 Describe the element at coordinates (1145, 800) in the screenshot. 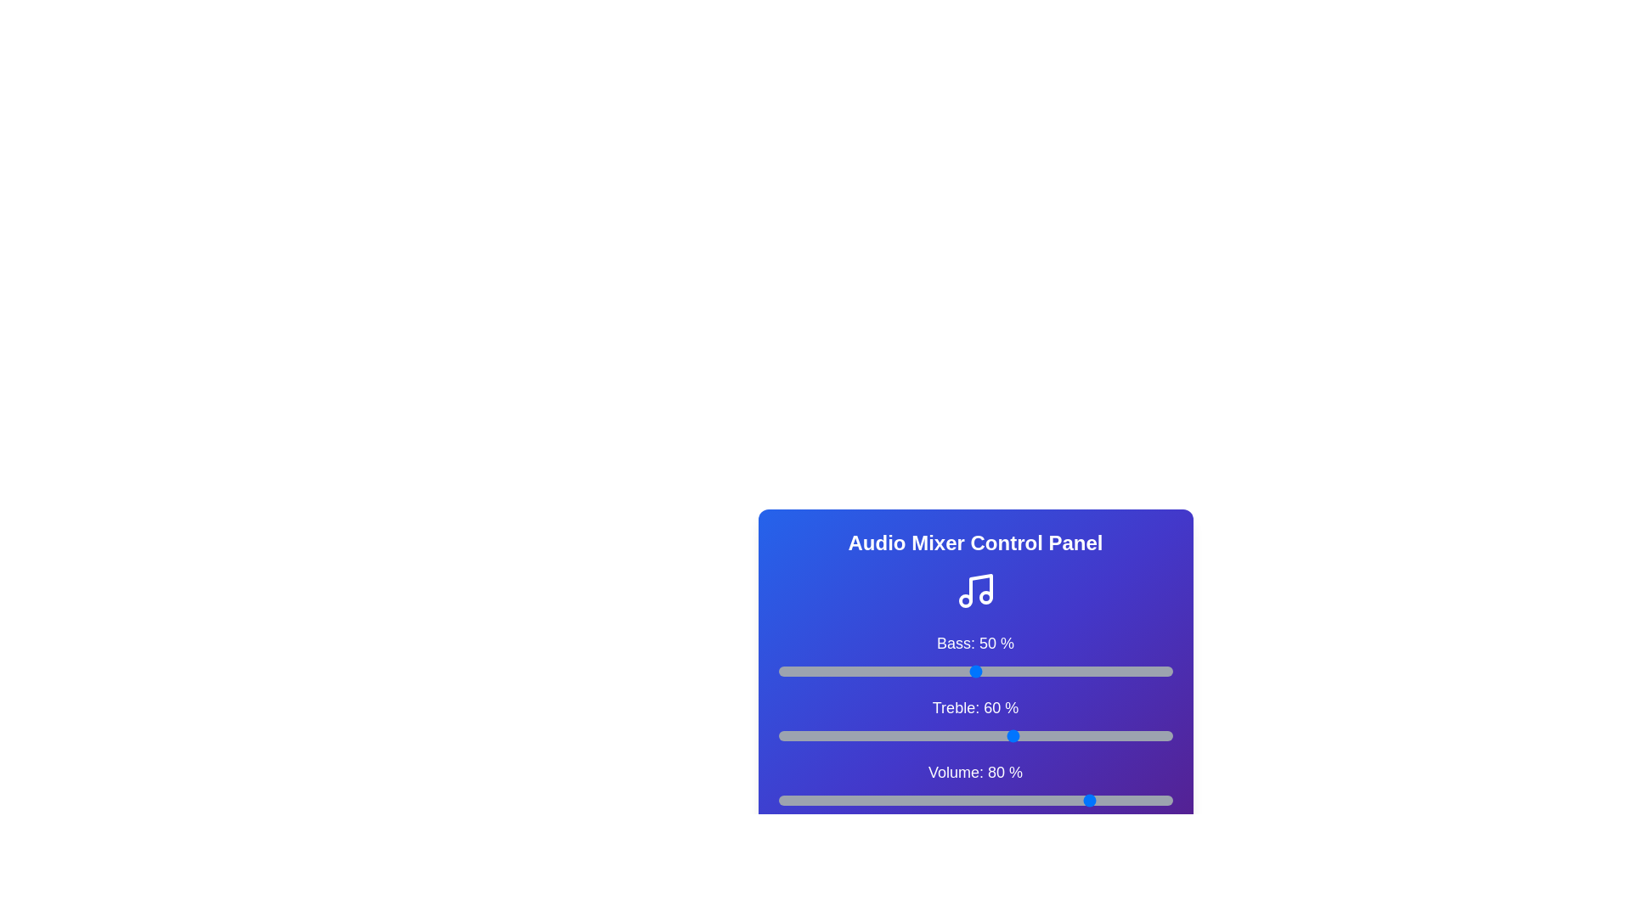

I see `the volume slider to 93%` at that location.